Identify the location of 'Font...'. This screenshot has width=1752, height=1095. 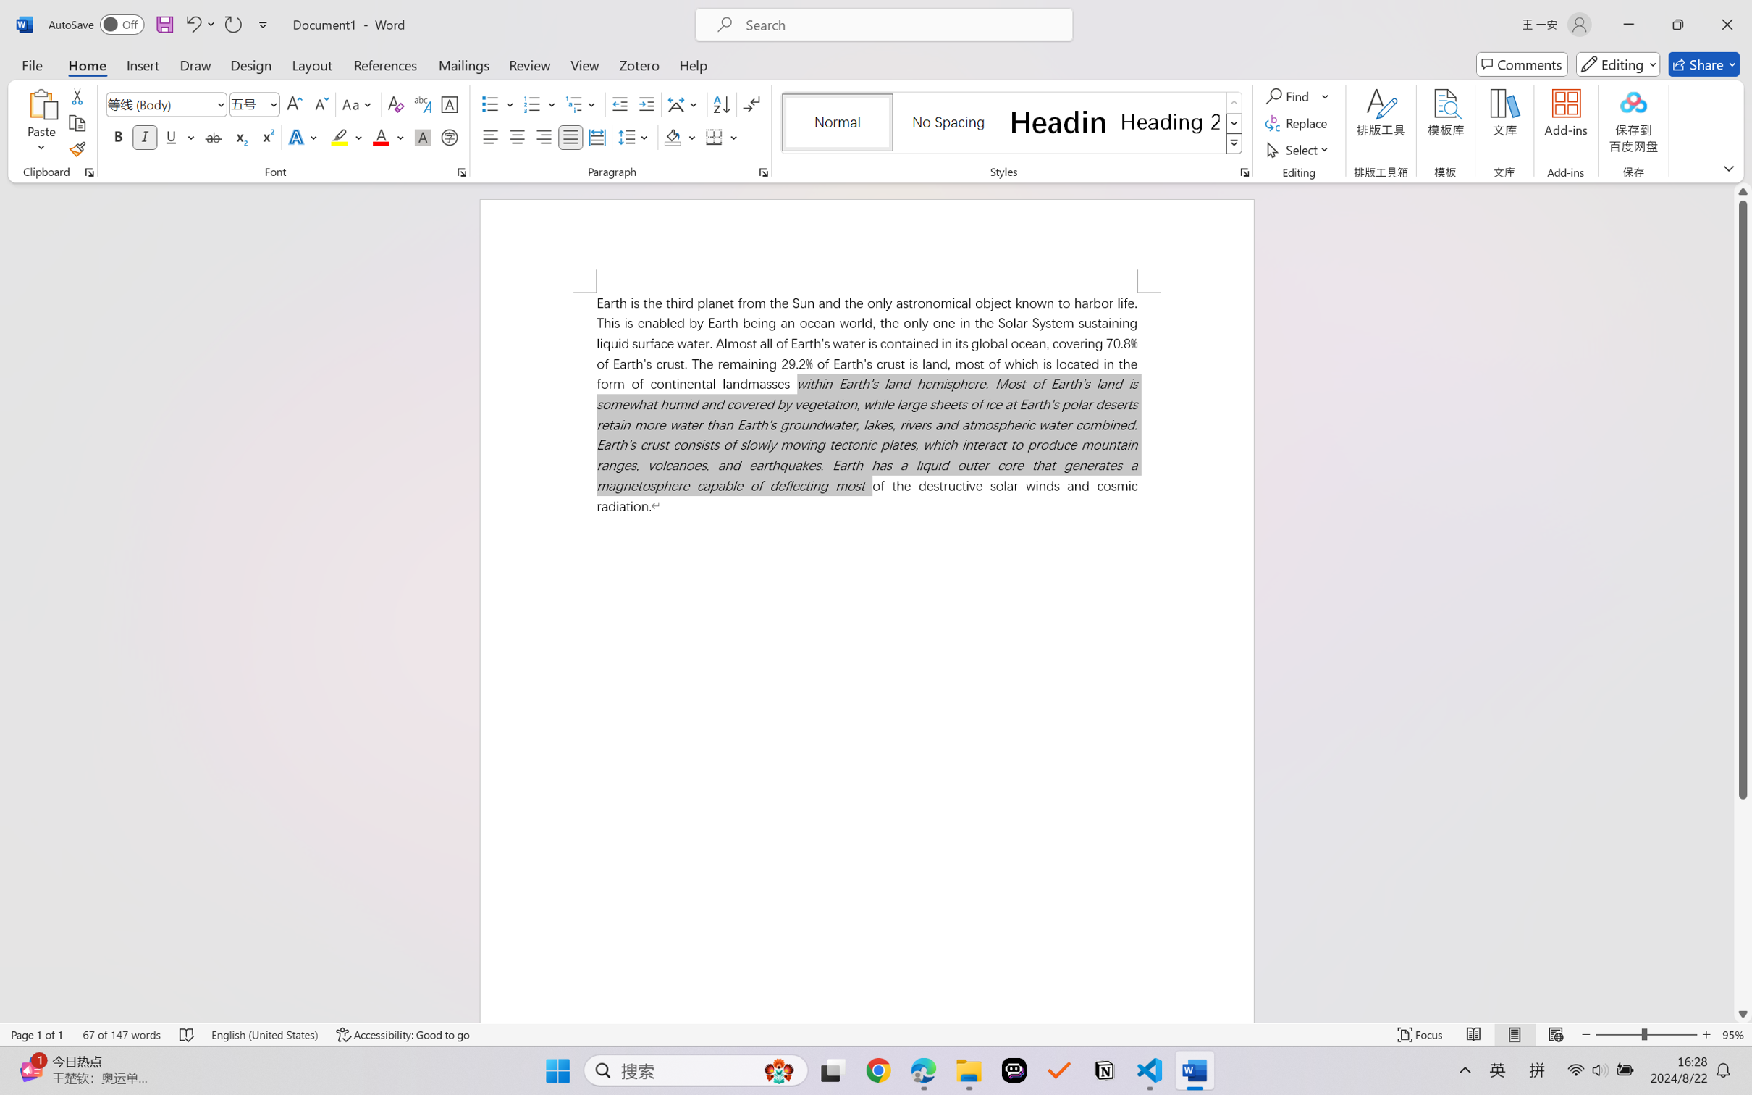
(461, 172).